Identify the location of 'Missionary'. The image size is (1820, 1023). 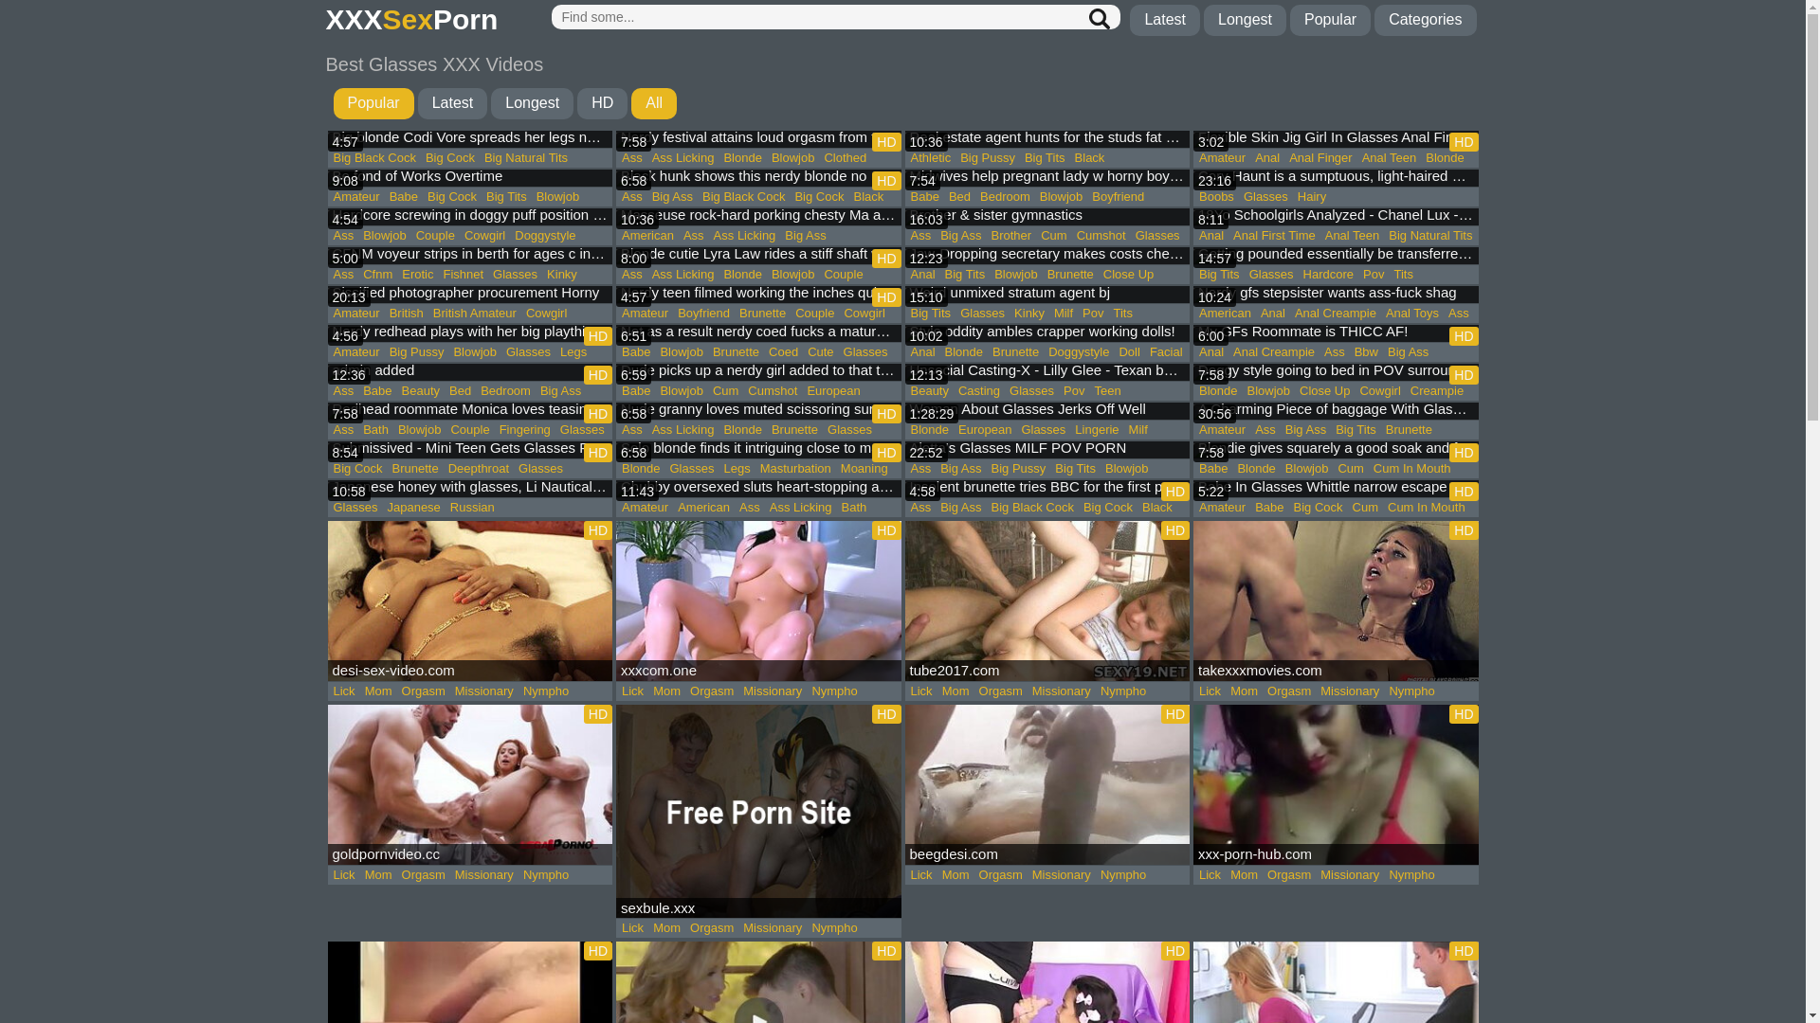
(449, 691).